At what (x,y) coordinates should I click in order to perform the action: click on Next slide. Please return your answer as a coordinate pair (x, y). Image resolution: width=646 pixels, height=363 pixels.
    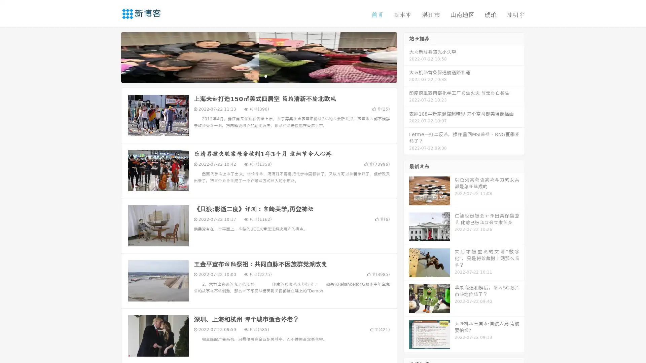
    Looking at the image, I should click on (406, 56).